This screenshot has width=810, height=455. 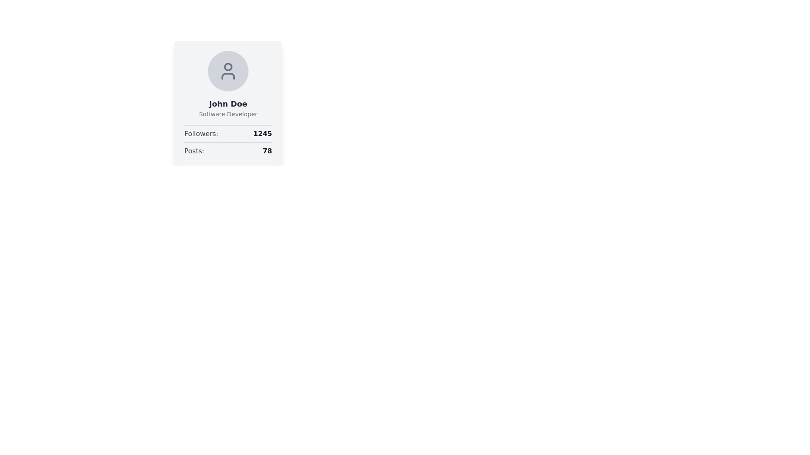 What do you see at coordinates (201, 133) in the screenshot?
I see `the static text label that serves as a descriptor for the adjacent numerical value '1245', positioned within the summary section below the user's name and avatar` at bounding box center [201, 133].